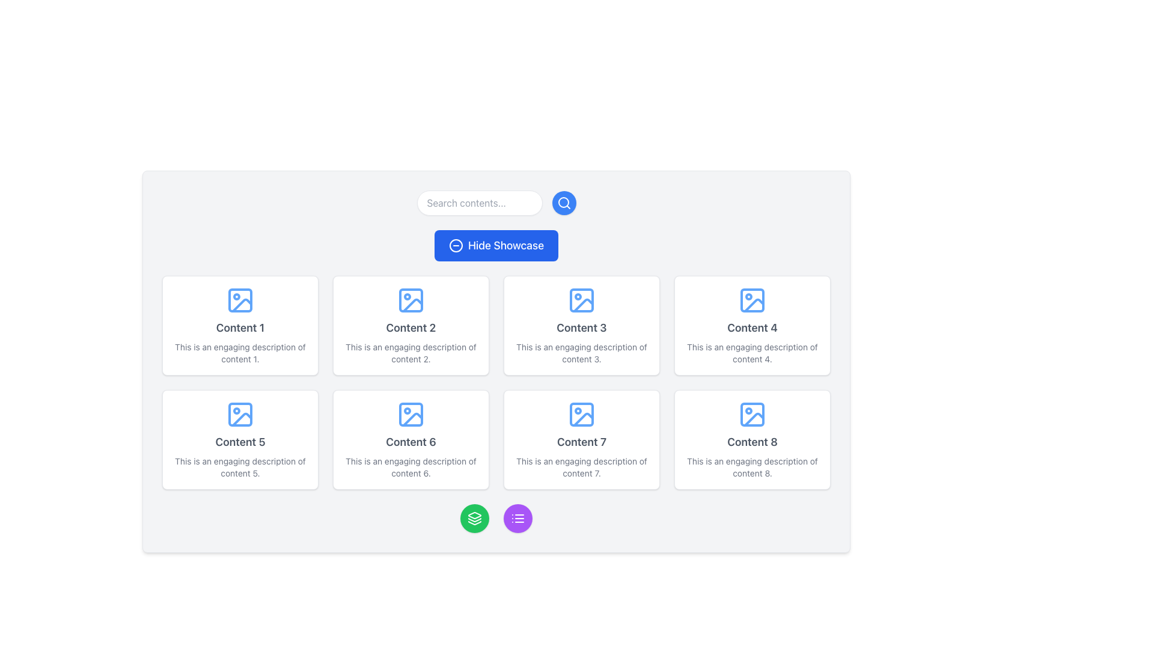 The height and width of the screenshot is (649, 1154). I want to click on the leading icon for the 'Hide Showcase' button, which is positioned to the left of the button's text, so click(455, 245).